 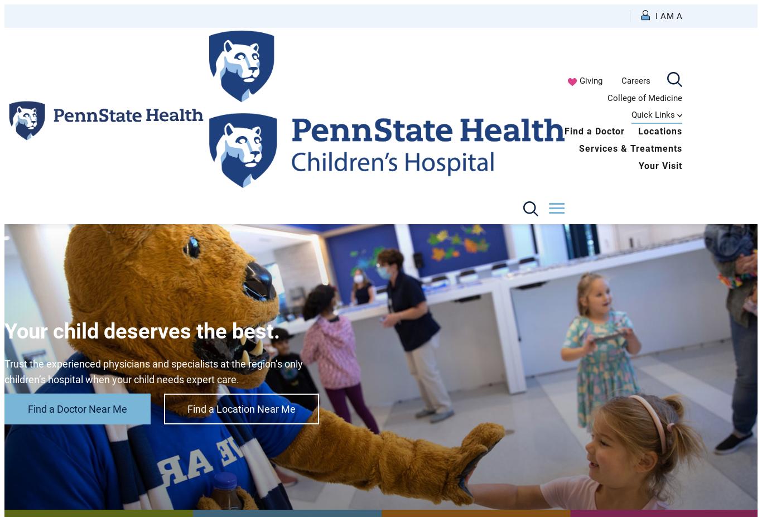 I want to click on 'Job Seeker', so click(x=567, y=179).